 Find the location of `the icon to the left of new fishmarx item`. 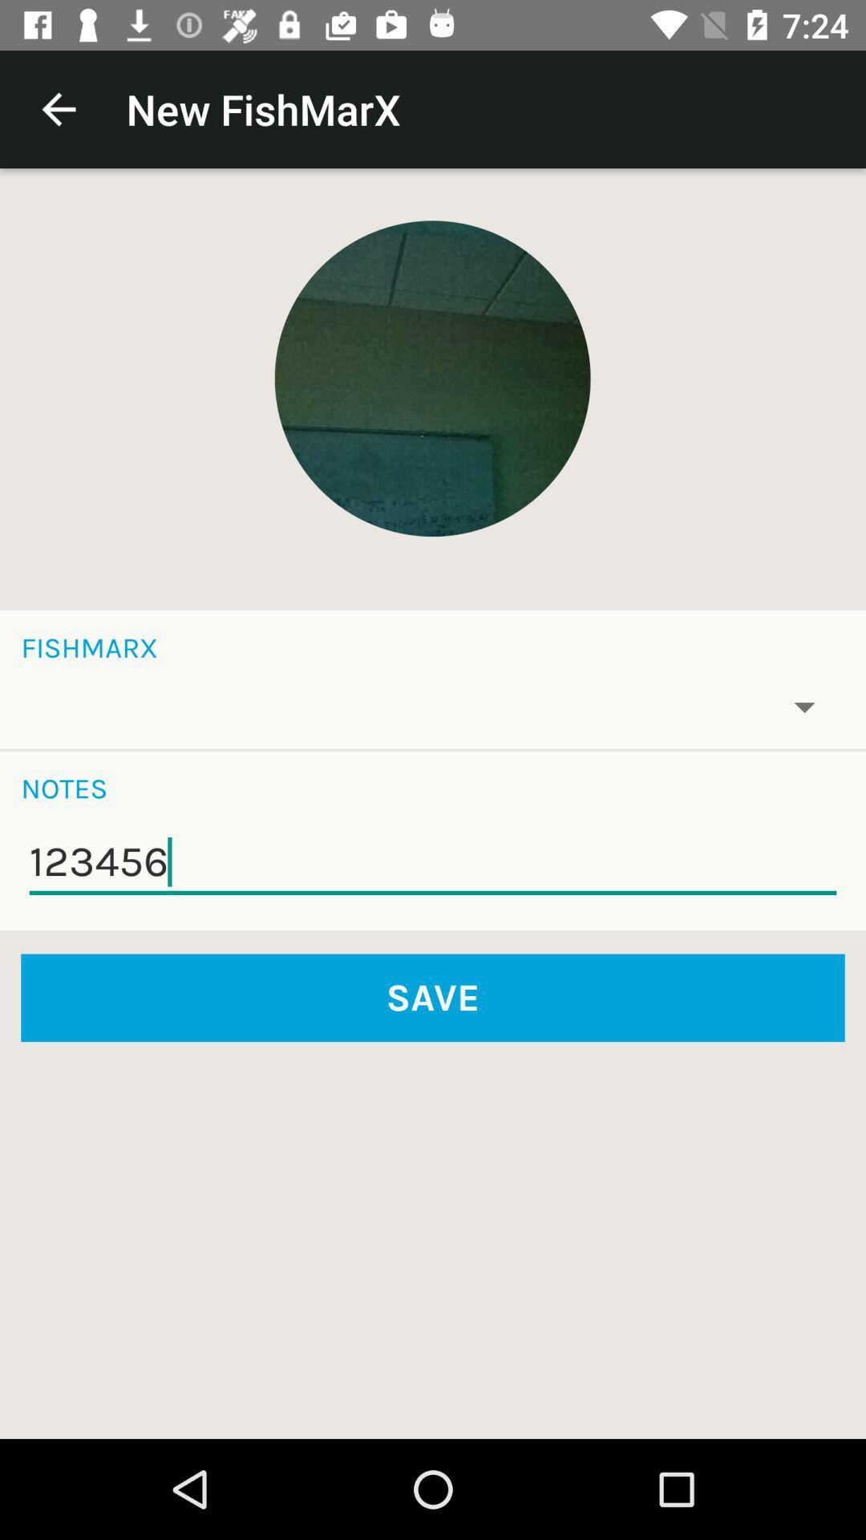

the icon to the left of new fishmarx item is located at coordinates (58, 108).